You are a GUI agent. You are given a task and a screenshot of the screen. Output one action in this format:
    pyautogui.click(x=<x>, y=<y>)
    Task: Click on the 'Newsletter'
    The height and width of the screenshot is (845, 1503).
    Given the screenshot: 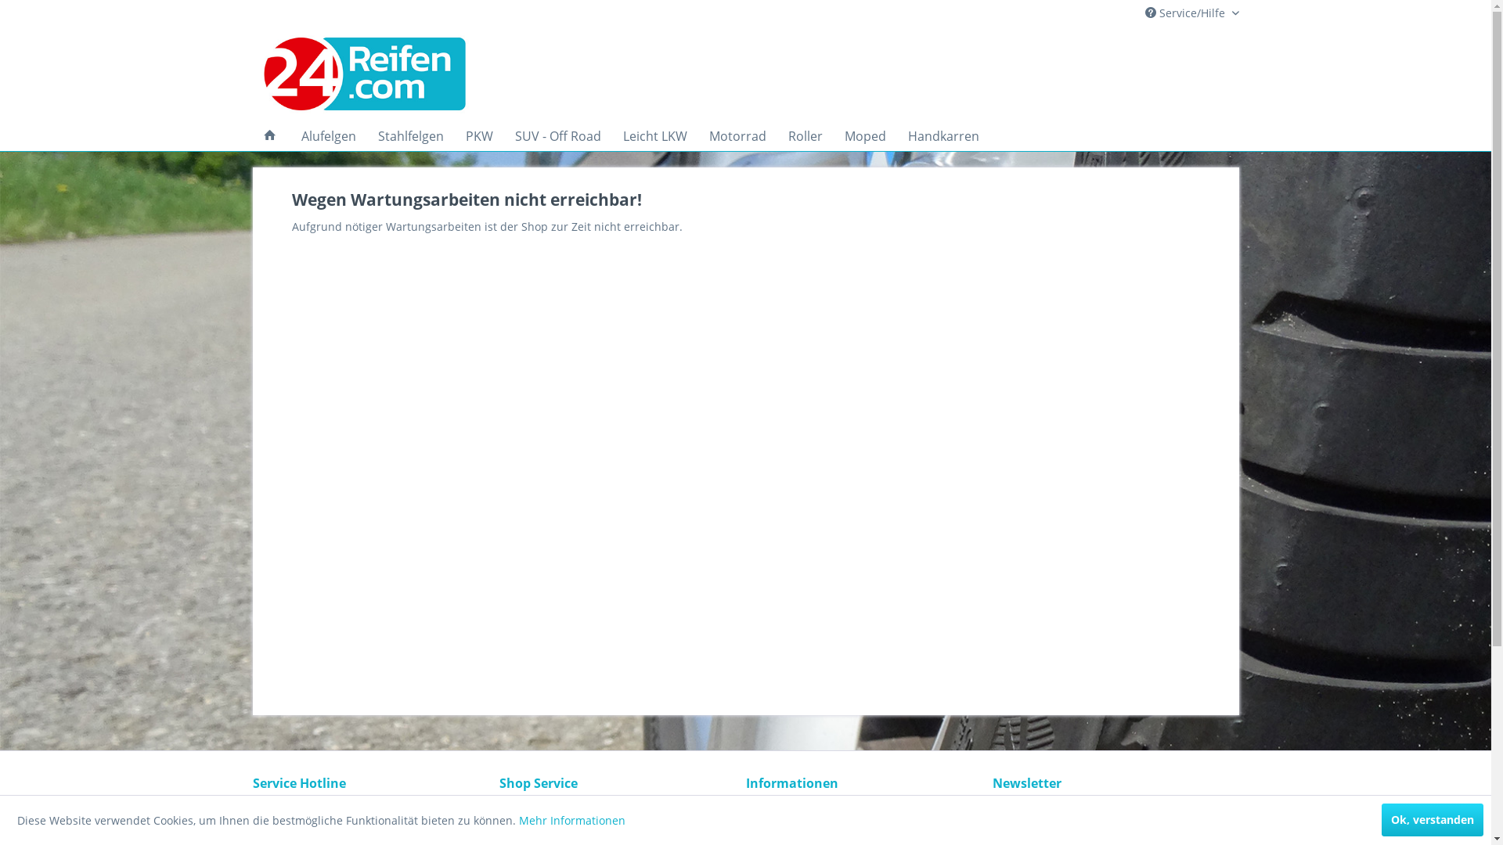 What is the action you would take?
    pyautogui.click(x=863, y=810)
    